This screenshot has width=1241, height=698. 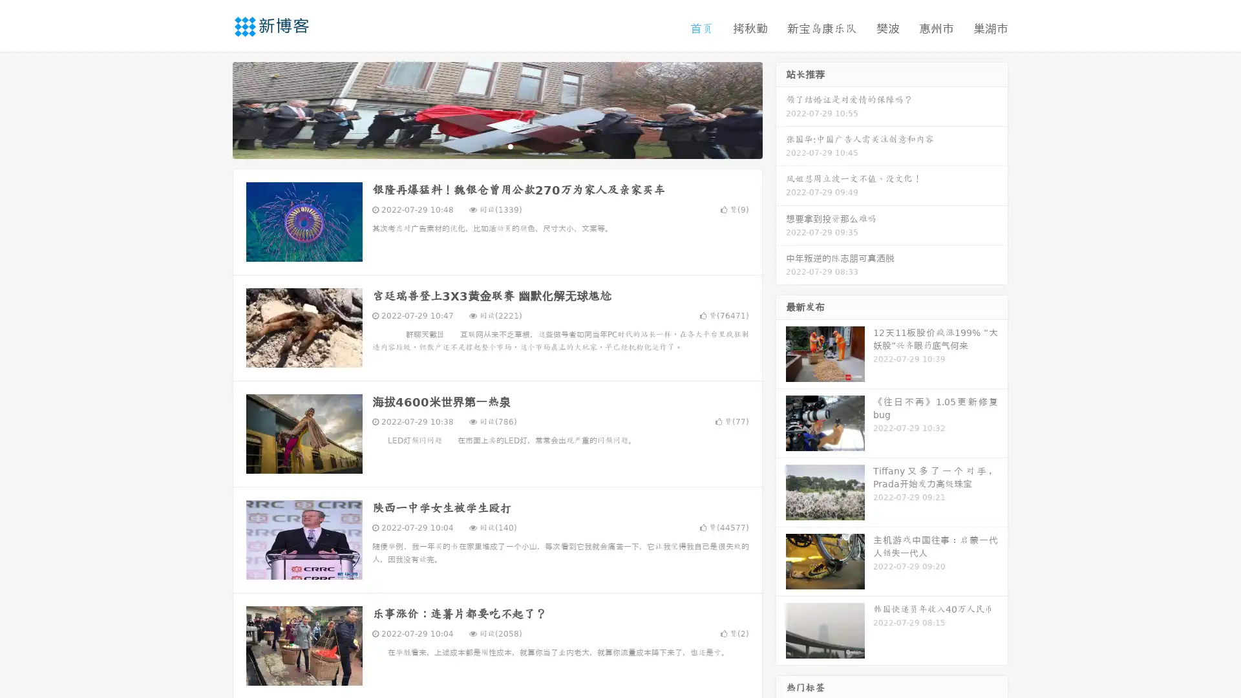 I want to click on Go to slide 3, so click(x=510, y=145).